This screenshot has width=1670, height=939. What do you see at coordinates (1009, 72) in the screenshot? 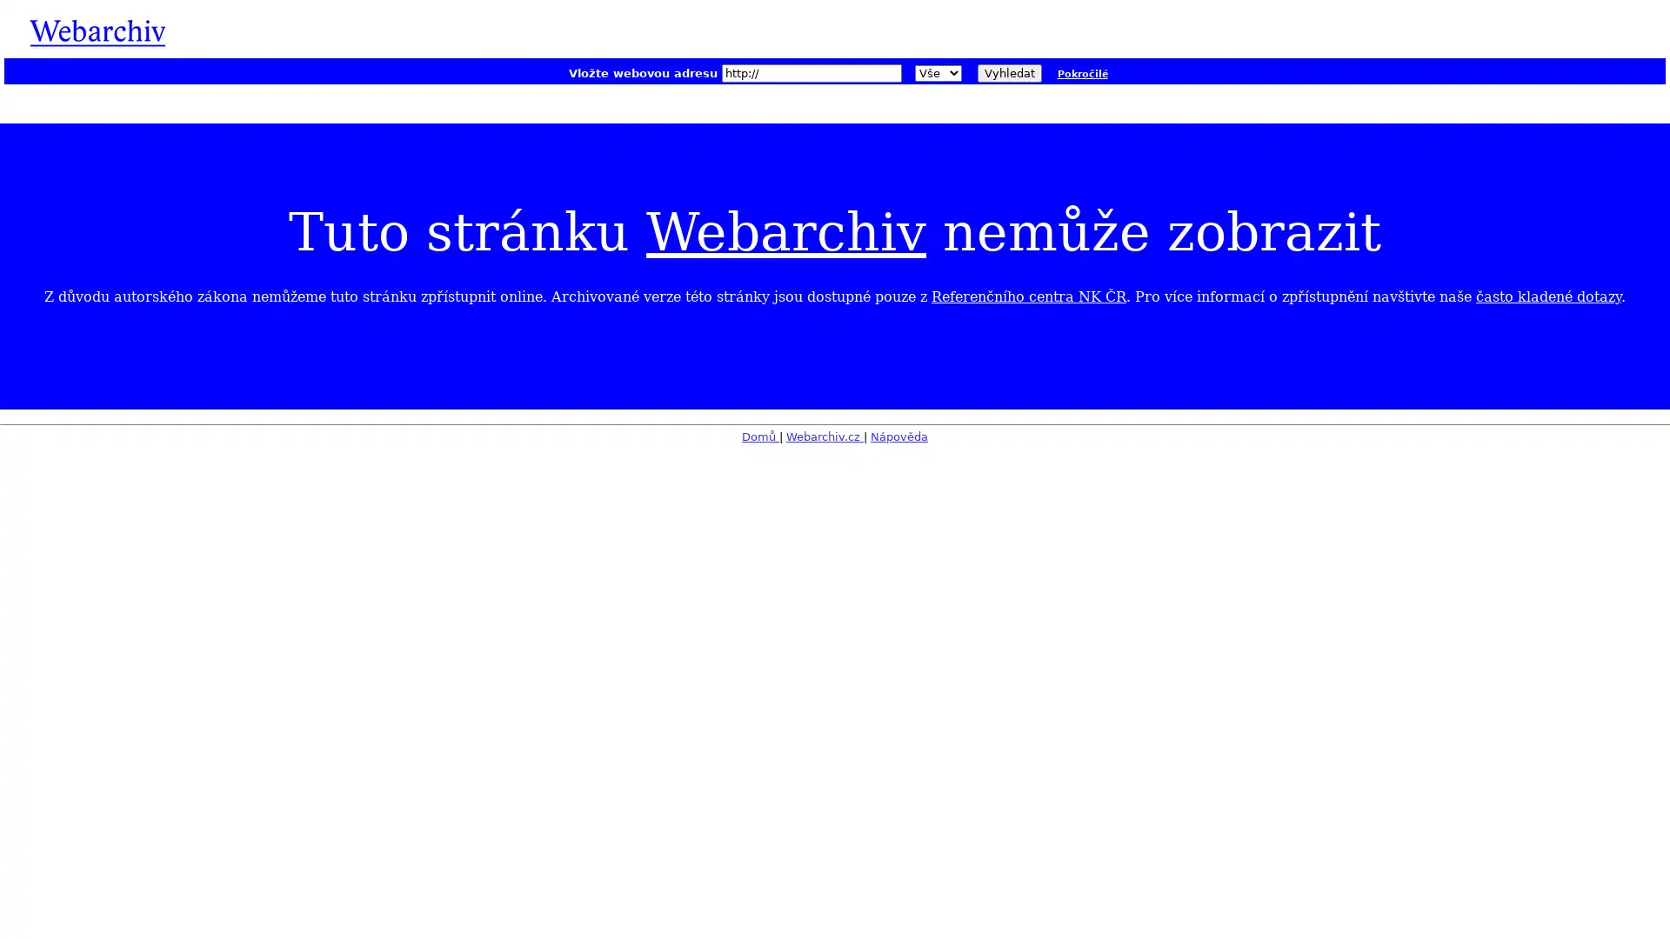
I see `Vyhledat` at bounding box center [1009, 72].